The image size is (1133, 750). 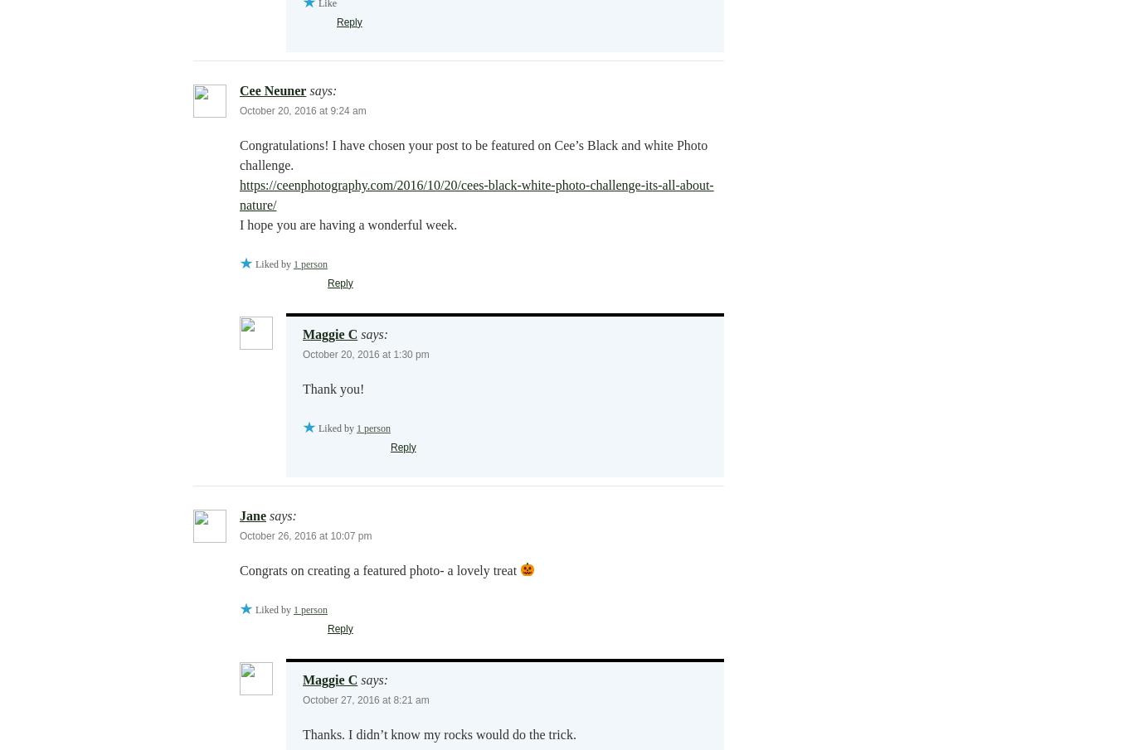 What do you see at coordinates (364, 699) in the screenshot?
I see `'October 27, 2016 at 8:21 am'` at bounding box center [364, 699].